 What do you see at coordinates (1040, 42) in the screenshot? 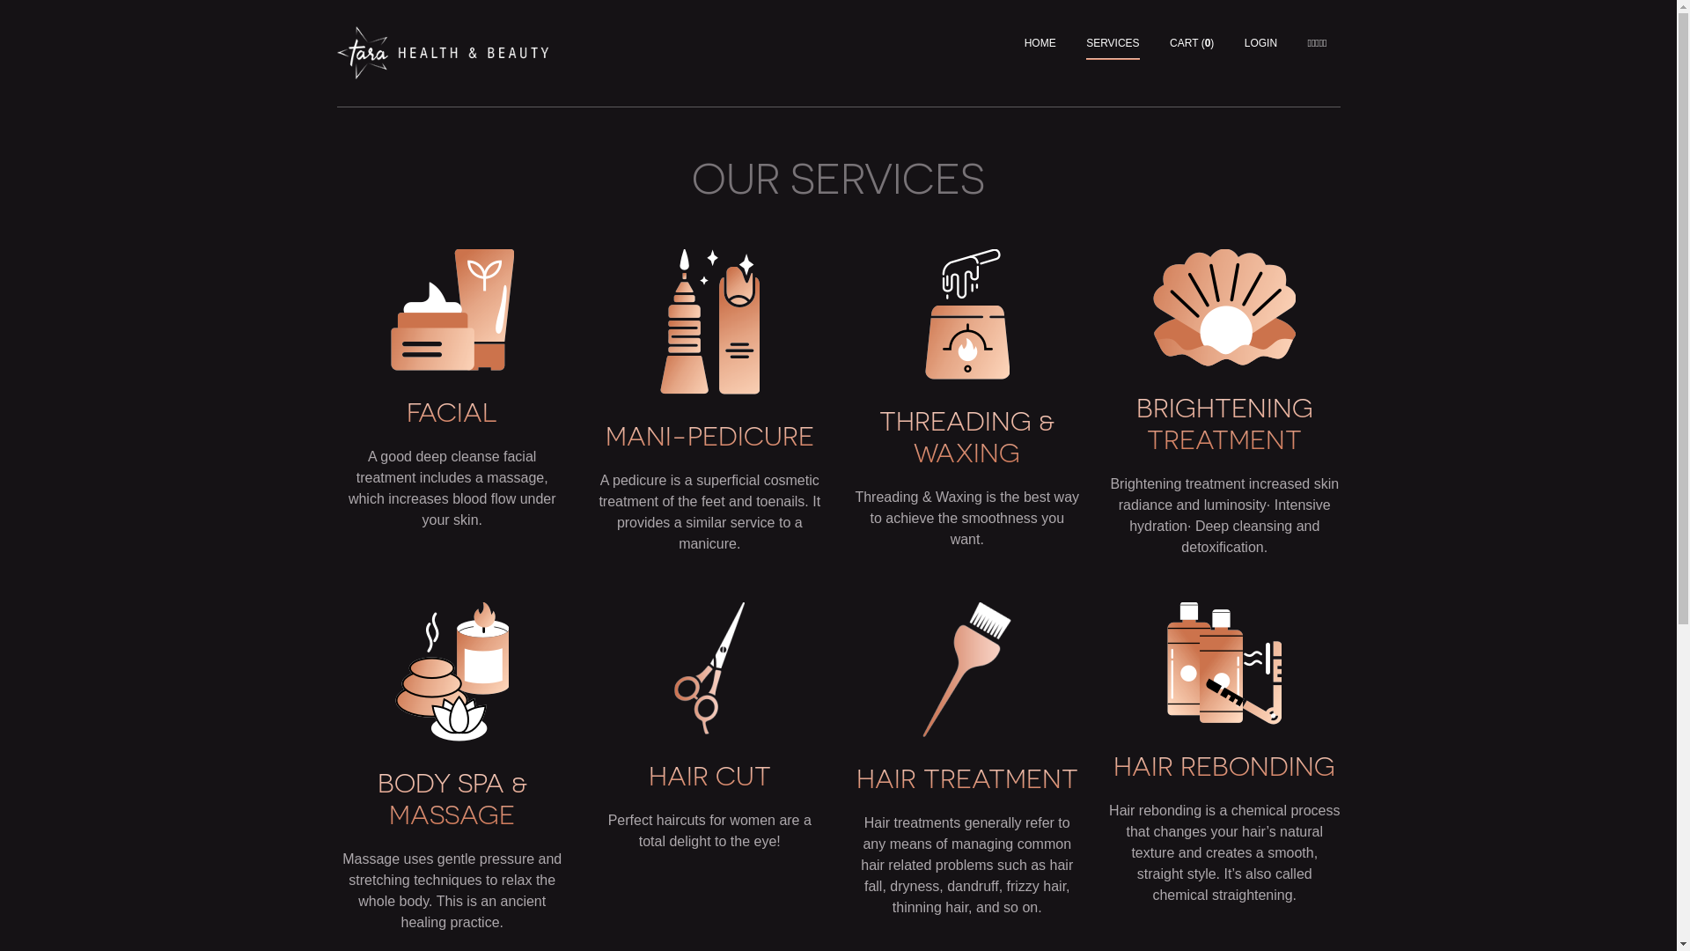
I see `'HOME'` at bounding box center [1040, 42].